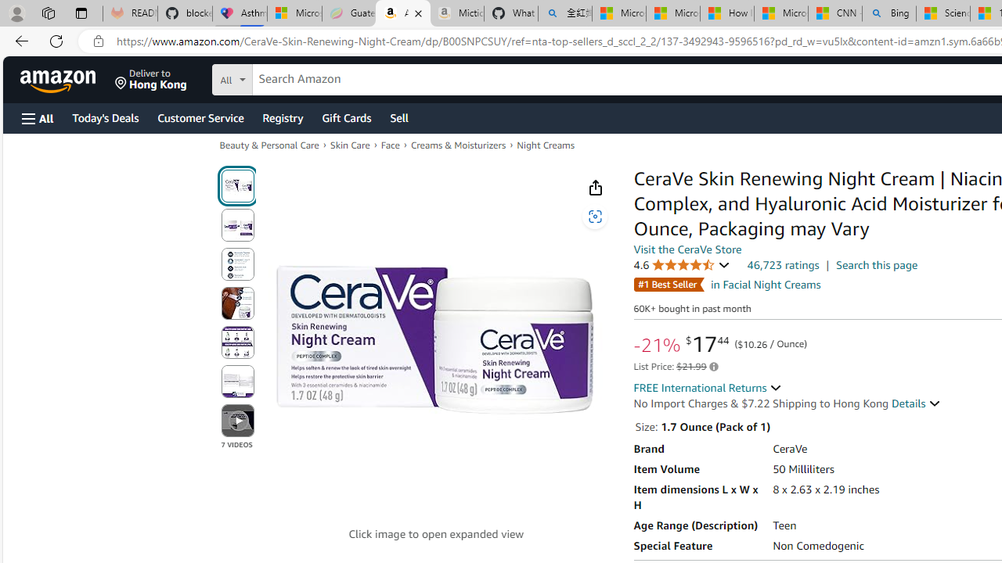  What do you see at coordinates (877, 264) in the screenshot?
I see `'Search this page'` at bounding box center [877, 264].